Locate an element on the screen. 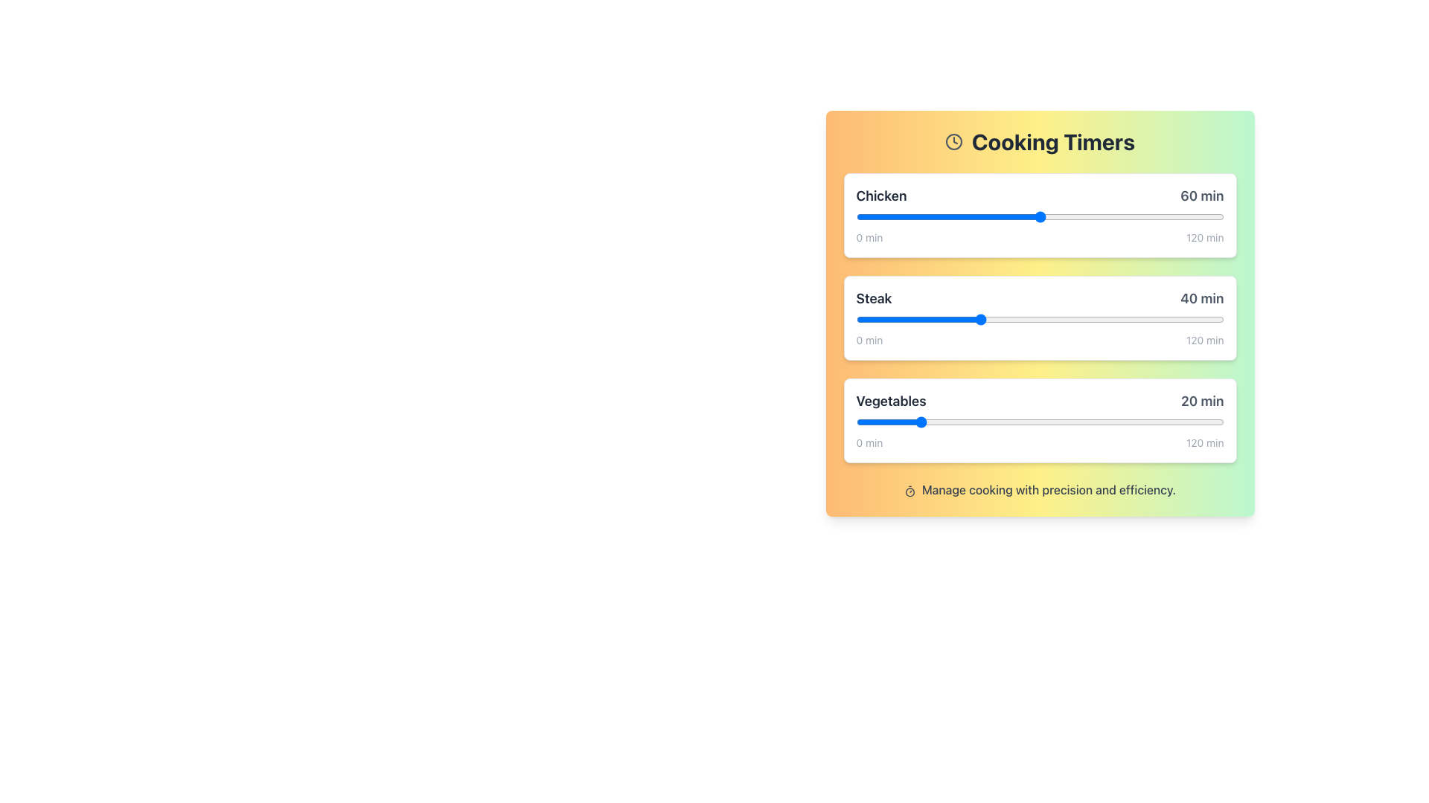 This screenshot has height=803, width=1429. the cooking timer for the chicken is located at coordinates (960, 217).